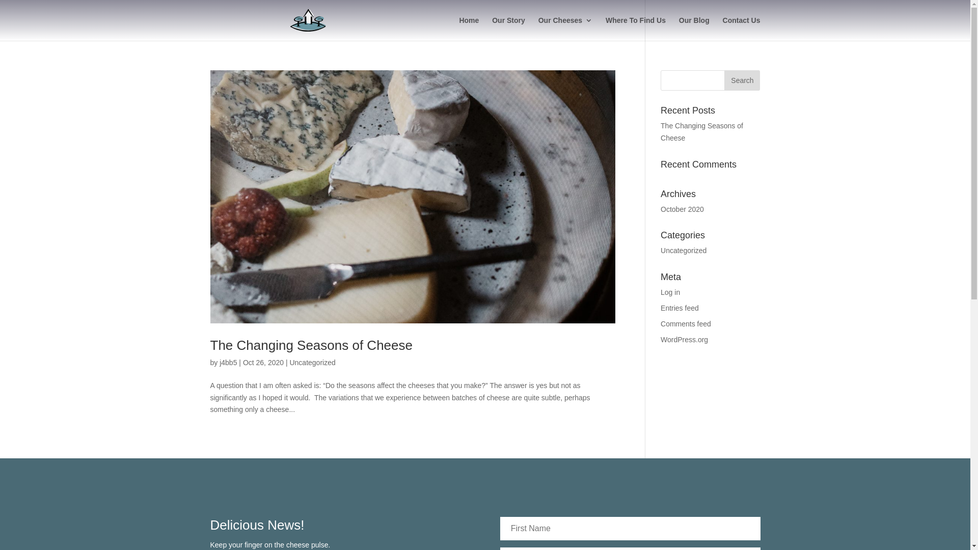 The image size is (978, 550). Describe the element at coordinates (670, 292) in the screenshot. I see `'Log in'` at that location.